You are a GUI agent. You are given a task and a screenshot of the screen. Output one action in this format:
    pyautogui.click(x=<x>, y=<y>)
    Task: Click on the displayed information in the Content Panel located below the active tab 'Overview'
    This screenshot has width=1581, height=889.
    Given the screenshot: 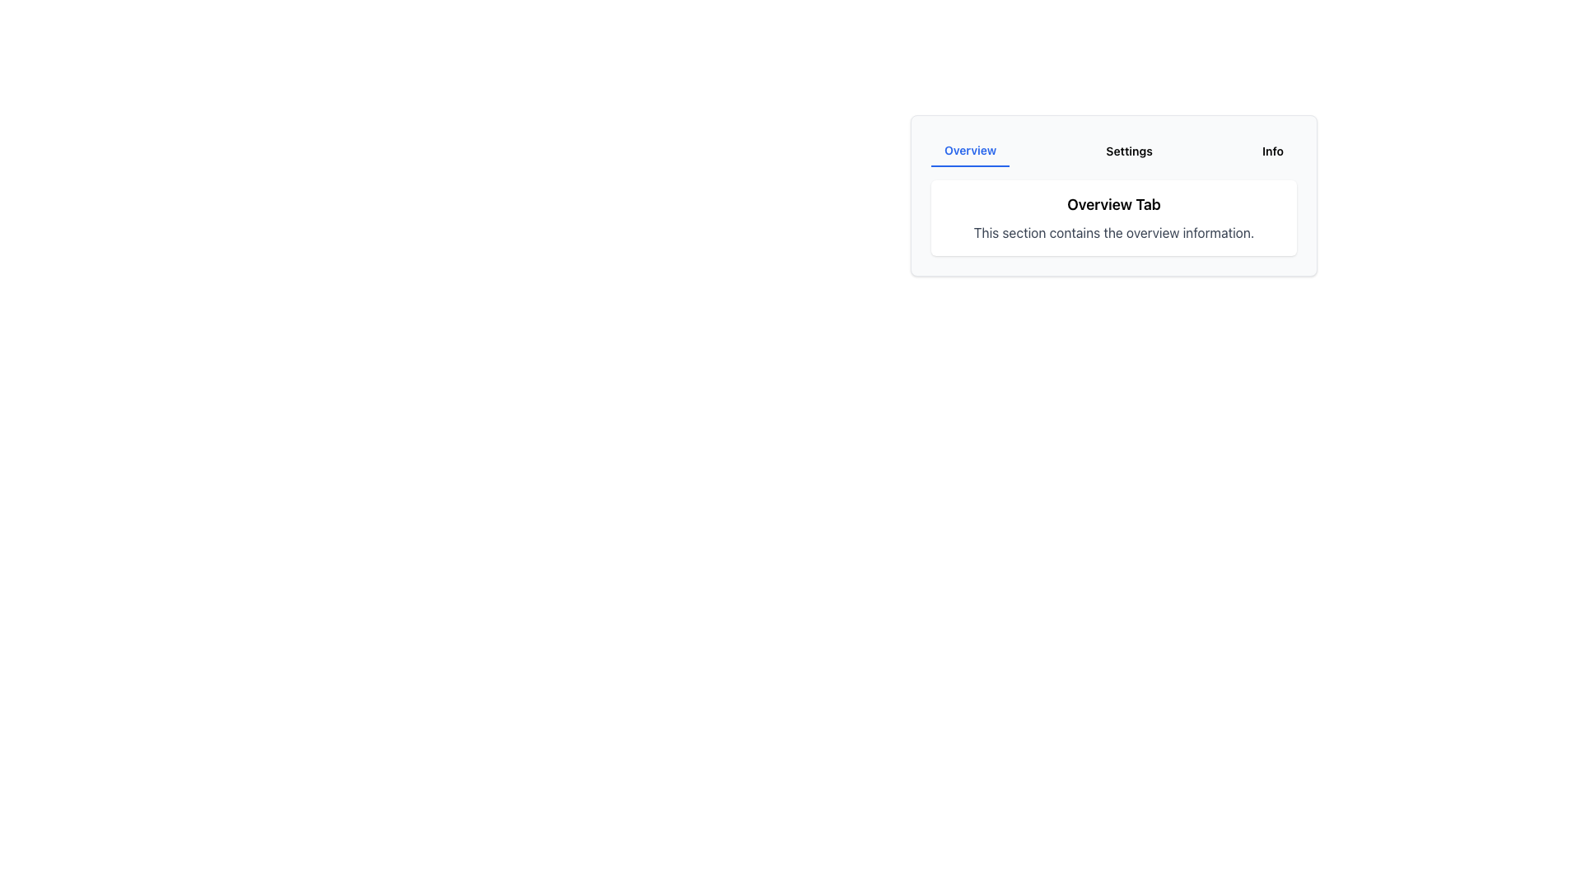 What is the action you would take?
    pyautogui.click(x=1114, y=195)
    